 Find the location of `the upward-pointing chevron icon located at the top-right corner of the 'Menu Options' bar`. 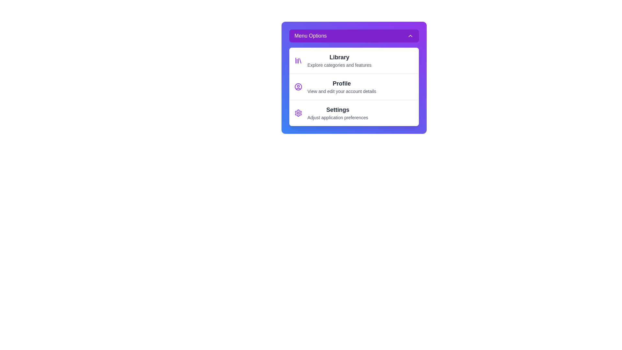

the upward-pointing chevron icon located at the top-right corner of the 'Menu Options' bar is located at coordinates (410, 36).